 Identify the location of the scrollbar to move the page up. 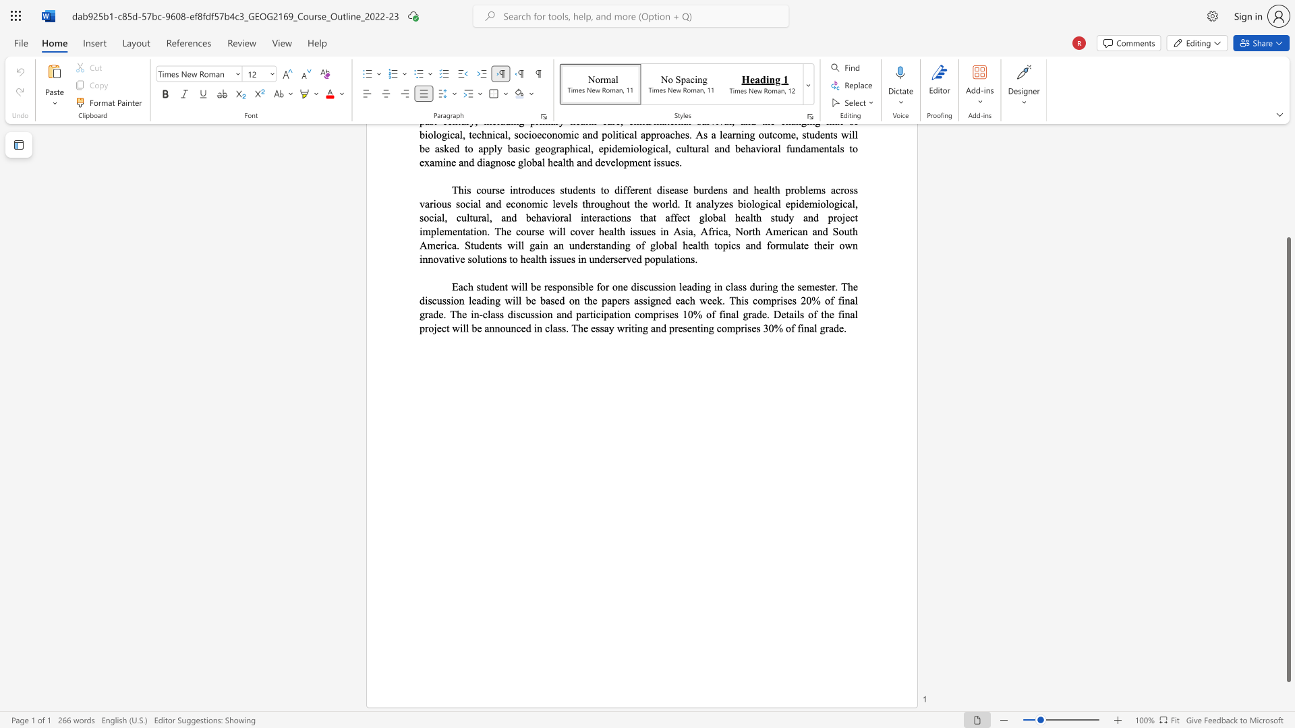
(1288, 148).